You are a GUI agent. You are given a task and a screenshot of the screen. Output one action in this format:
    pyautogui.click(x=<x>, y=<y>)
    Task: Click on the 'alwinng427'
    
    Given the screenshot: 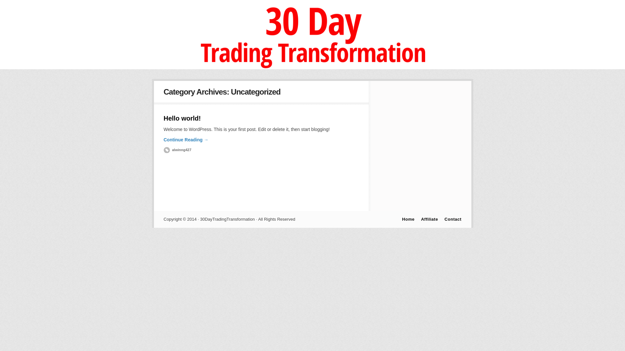 What is the action you would take?
    pyautogui.click(x=177, y=150)
    